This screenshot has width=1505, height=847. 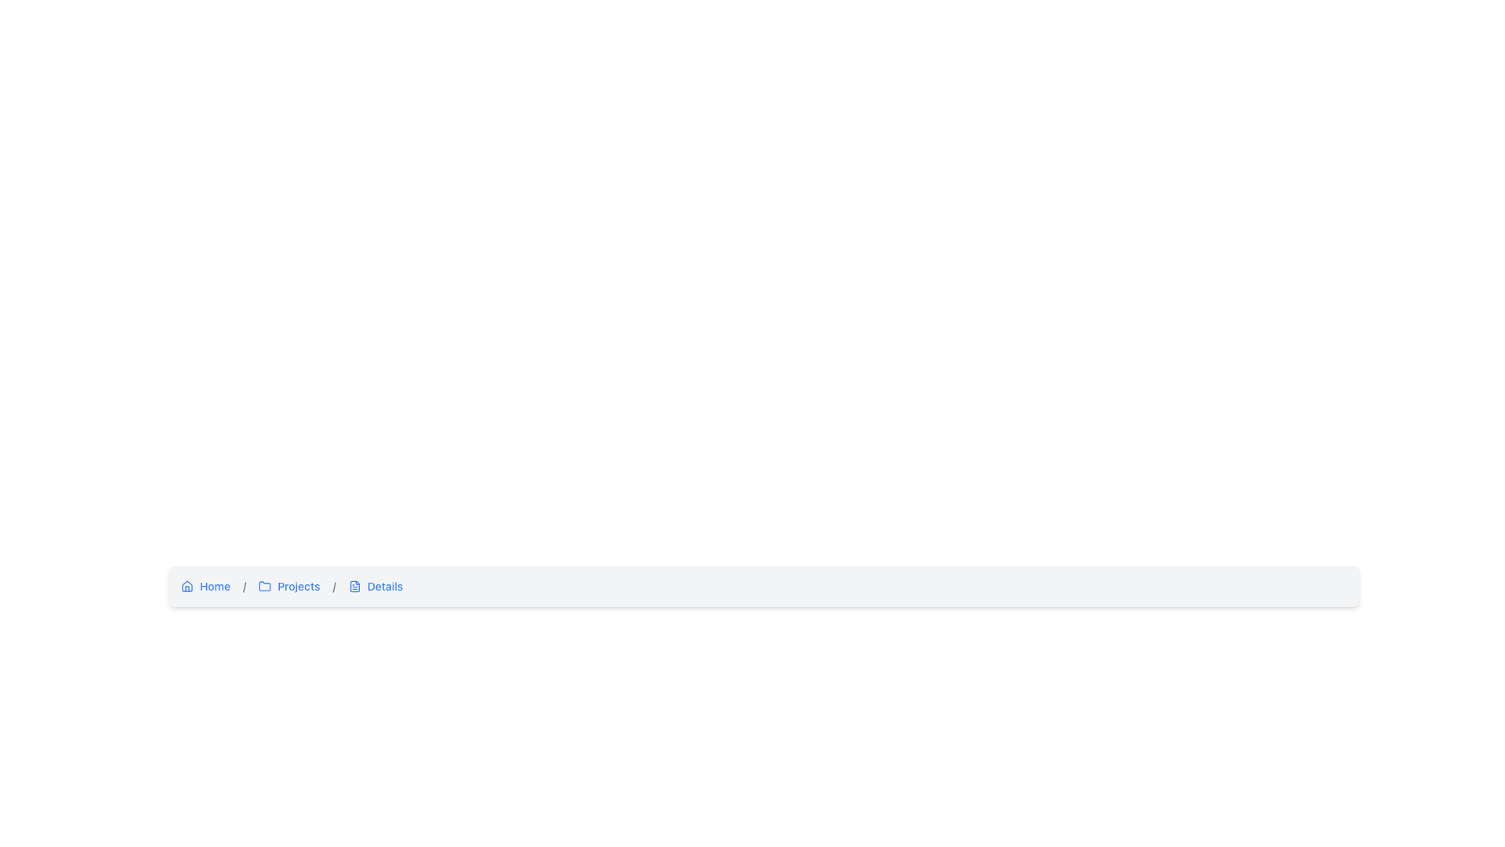 I want to click on the house icon in the breadcrumb navigation bar at the top-left corner, so click(x=187, y=586).